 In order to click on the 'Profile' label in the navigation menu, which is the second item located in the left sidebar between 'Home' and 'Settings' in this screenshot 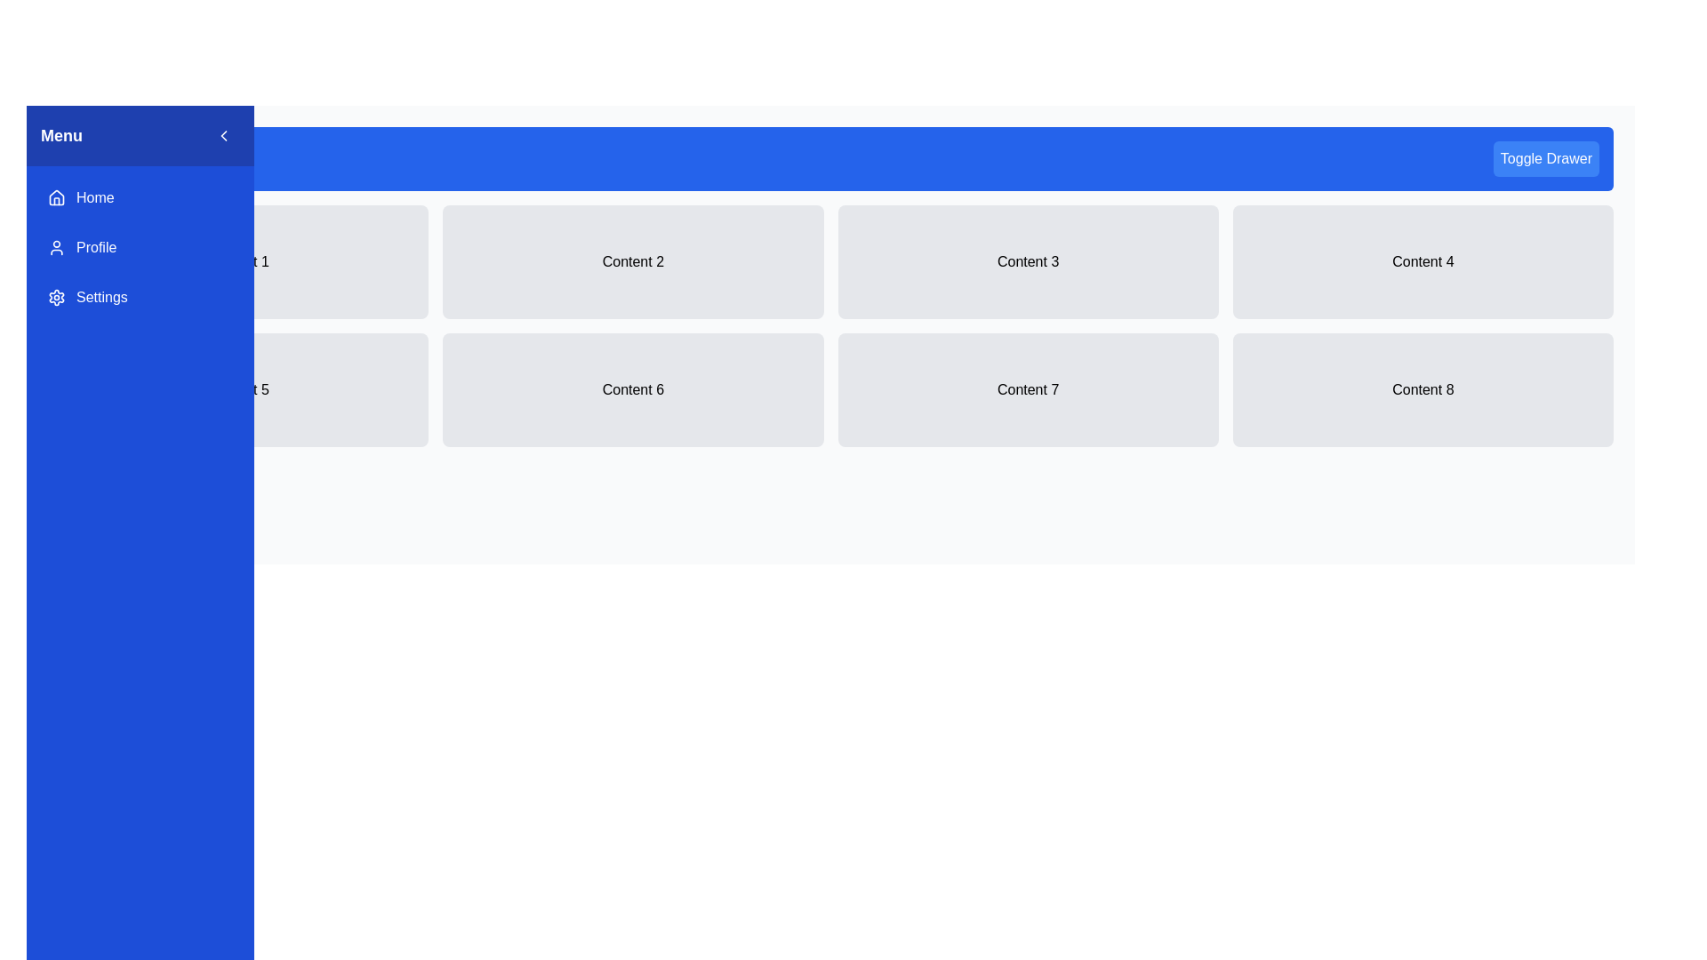, I will do `click(95, 247)`.